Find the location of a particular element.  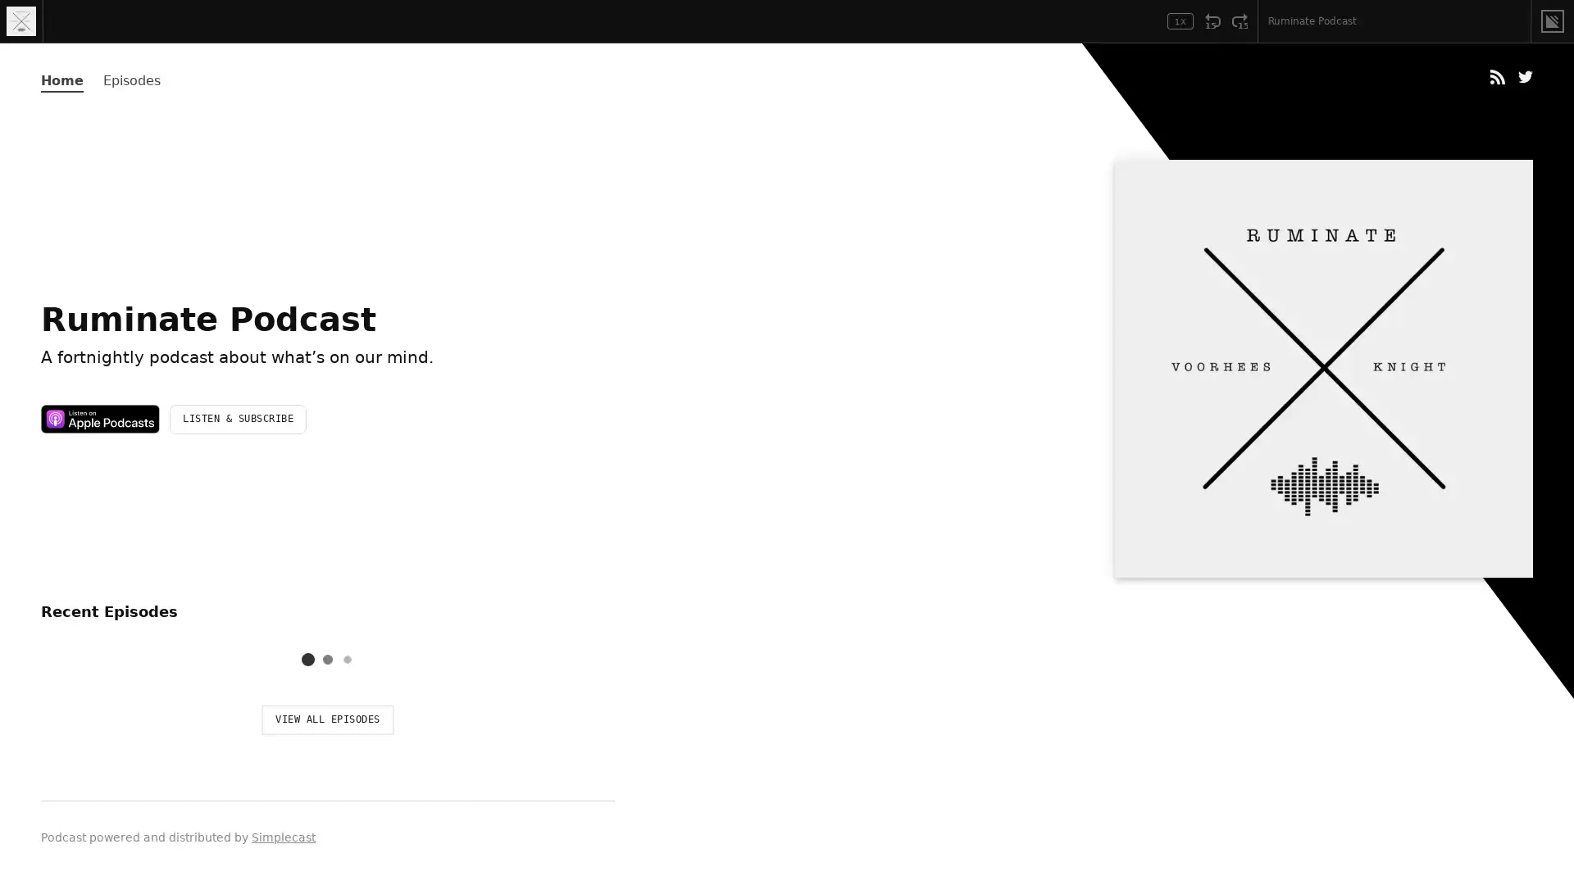

Rewind 15 Seconds is located at coordinates (1212, 21).